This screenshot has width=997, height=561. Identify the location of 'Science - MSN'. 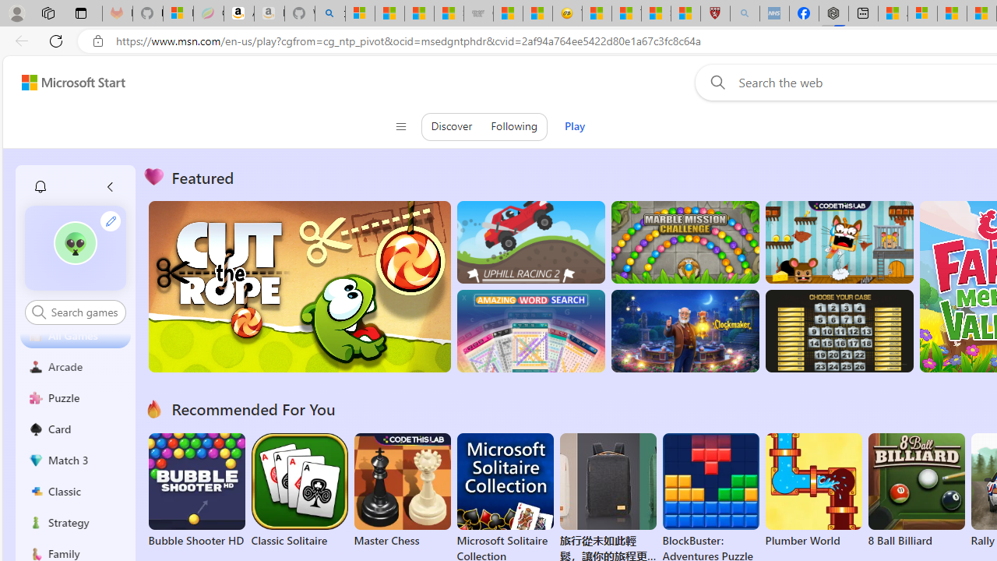
(656, 13).